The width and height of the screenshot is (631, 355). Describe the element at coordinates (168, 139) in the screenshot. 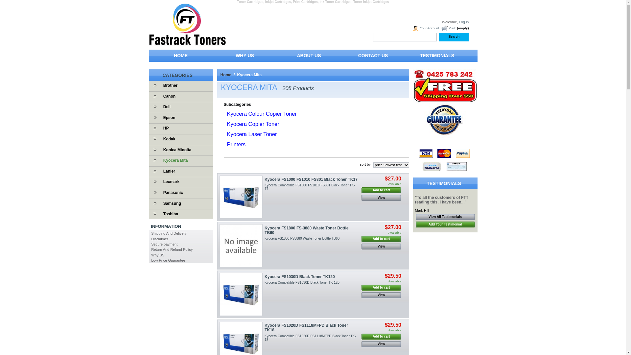

I see `'Kodak'` at that location.